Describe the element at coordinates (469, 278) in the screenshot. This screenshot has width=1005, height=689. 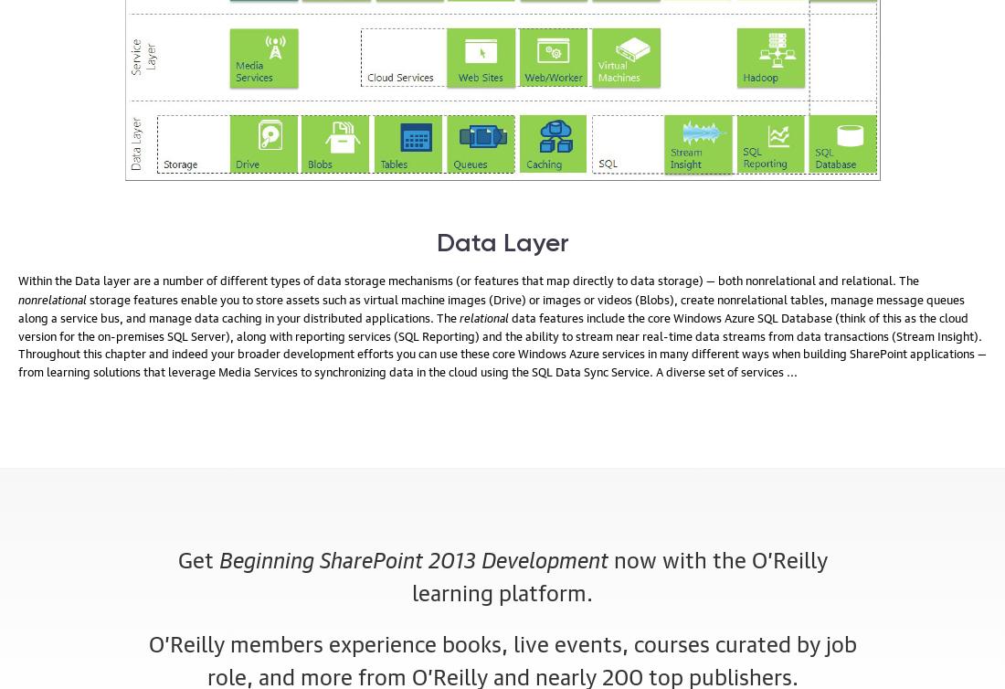
I see `'Within the Data layer are a number of different types of data storage mechanisms (or features that map directly to data storage) — both nonrelational and relational. The'` at that location.